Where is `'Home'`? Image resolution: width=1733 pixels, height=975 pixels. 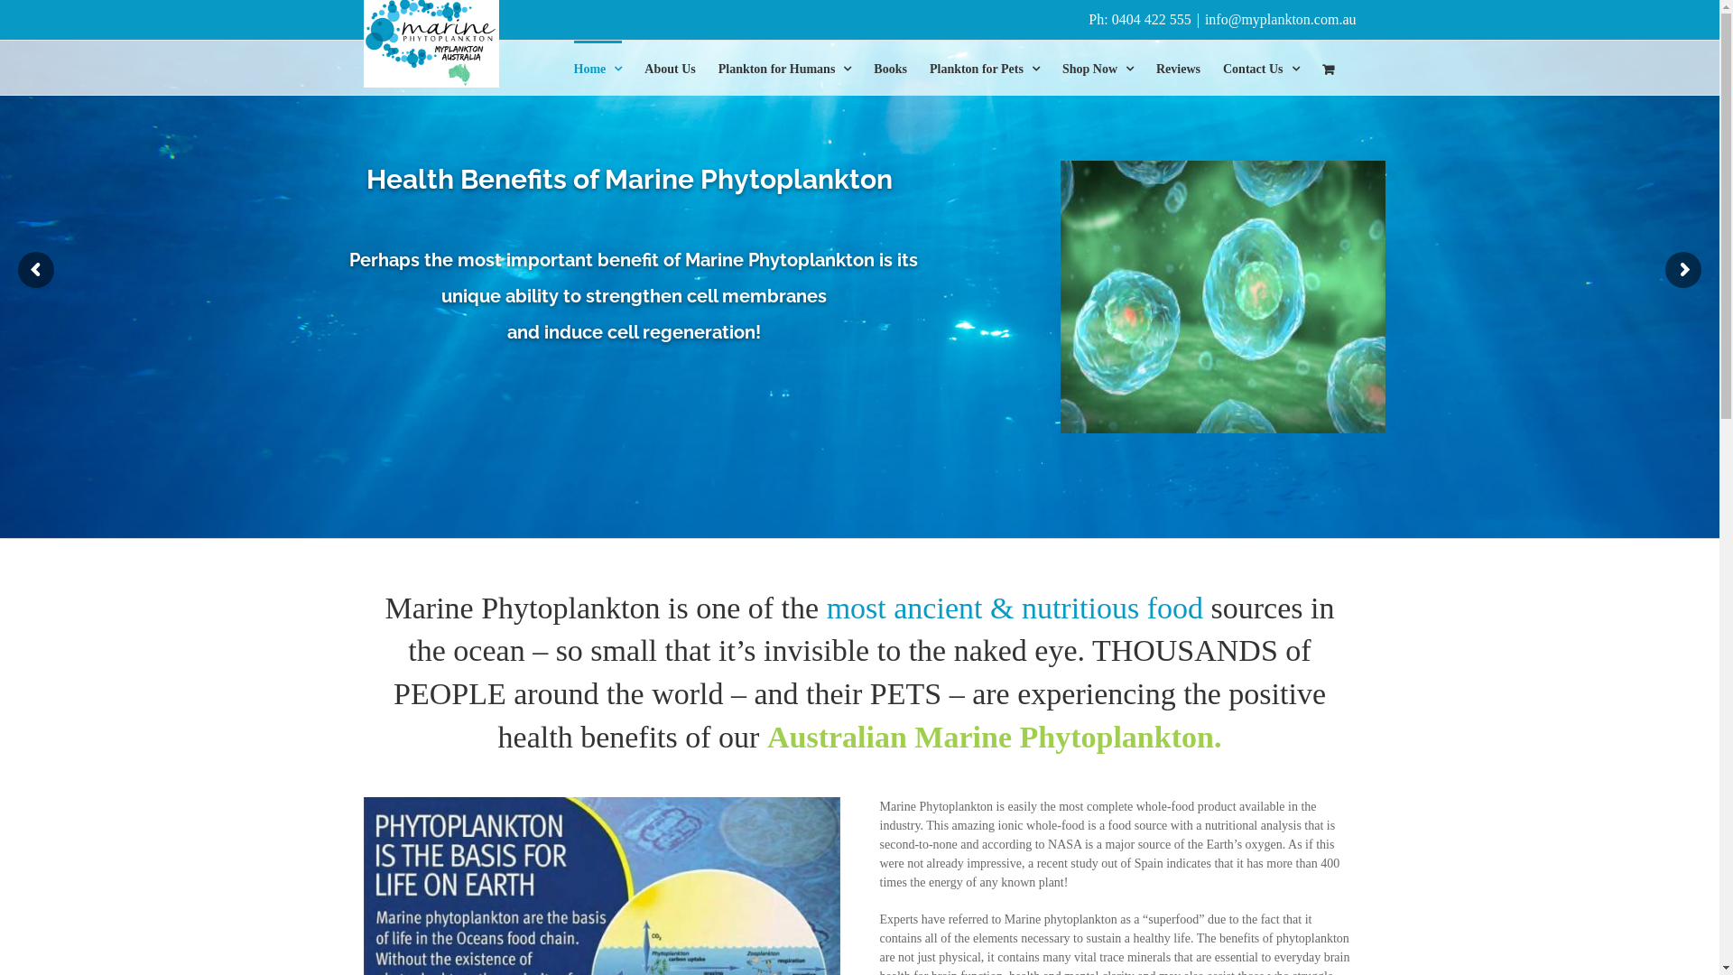
'Home' is located at coordinates (598, 66).